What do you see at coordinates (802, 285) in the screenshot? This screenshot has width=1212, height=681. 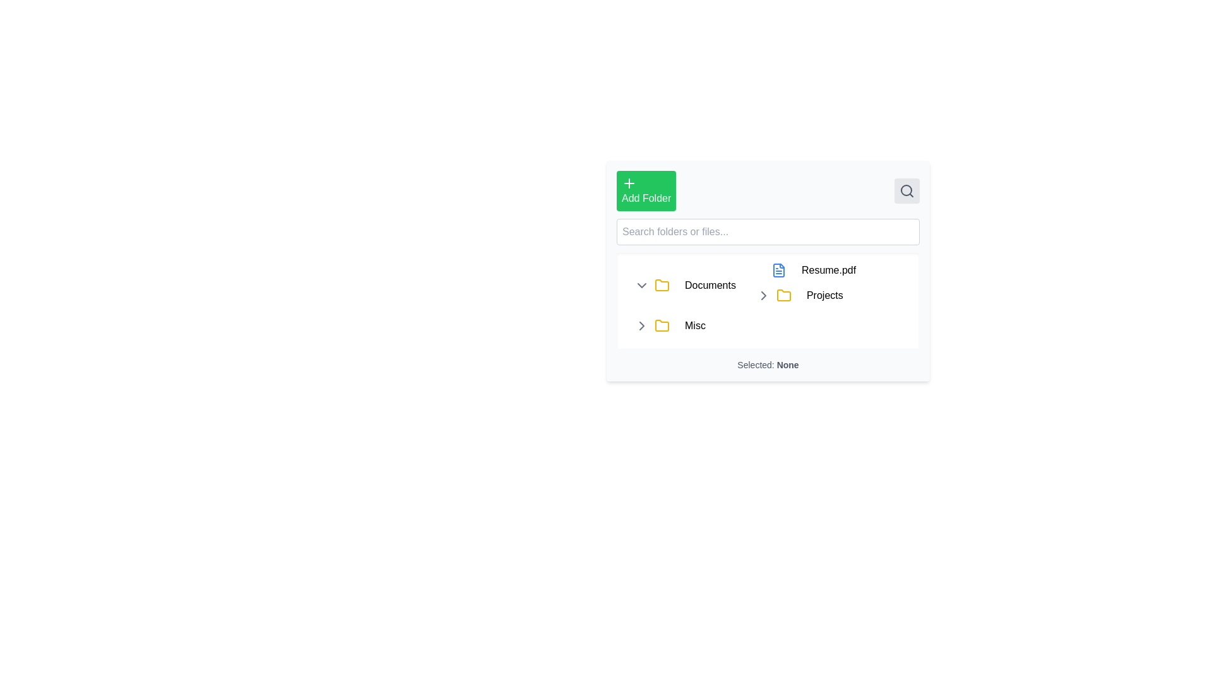 I see `the text label representing 'Resume.pdf' and the folder named 'Projects' within the file navigation structure, which is the second item in the list under 'Documents'` at bounding box center [802, 285].